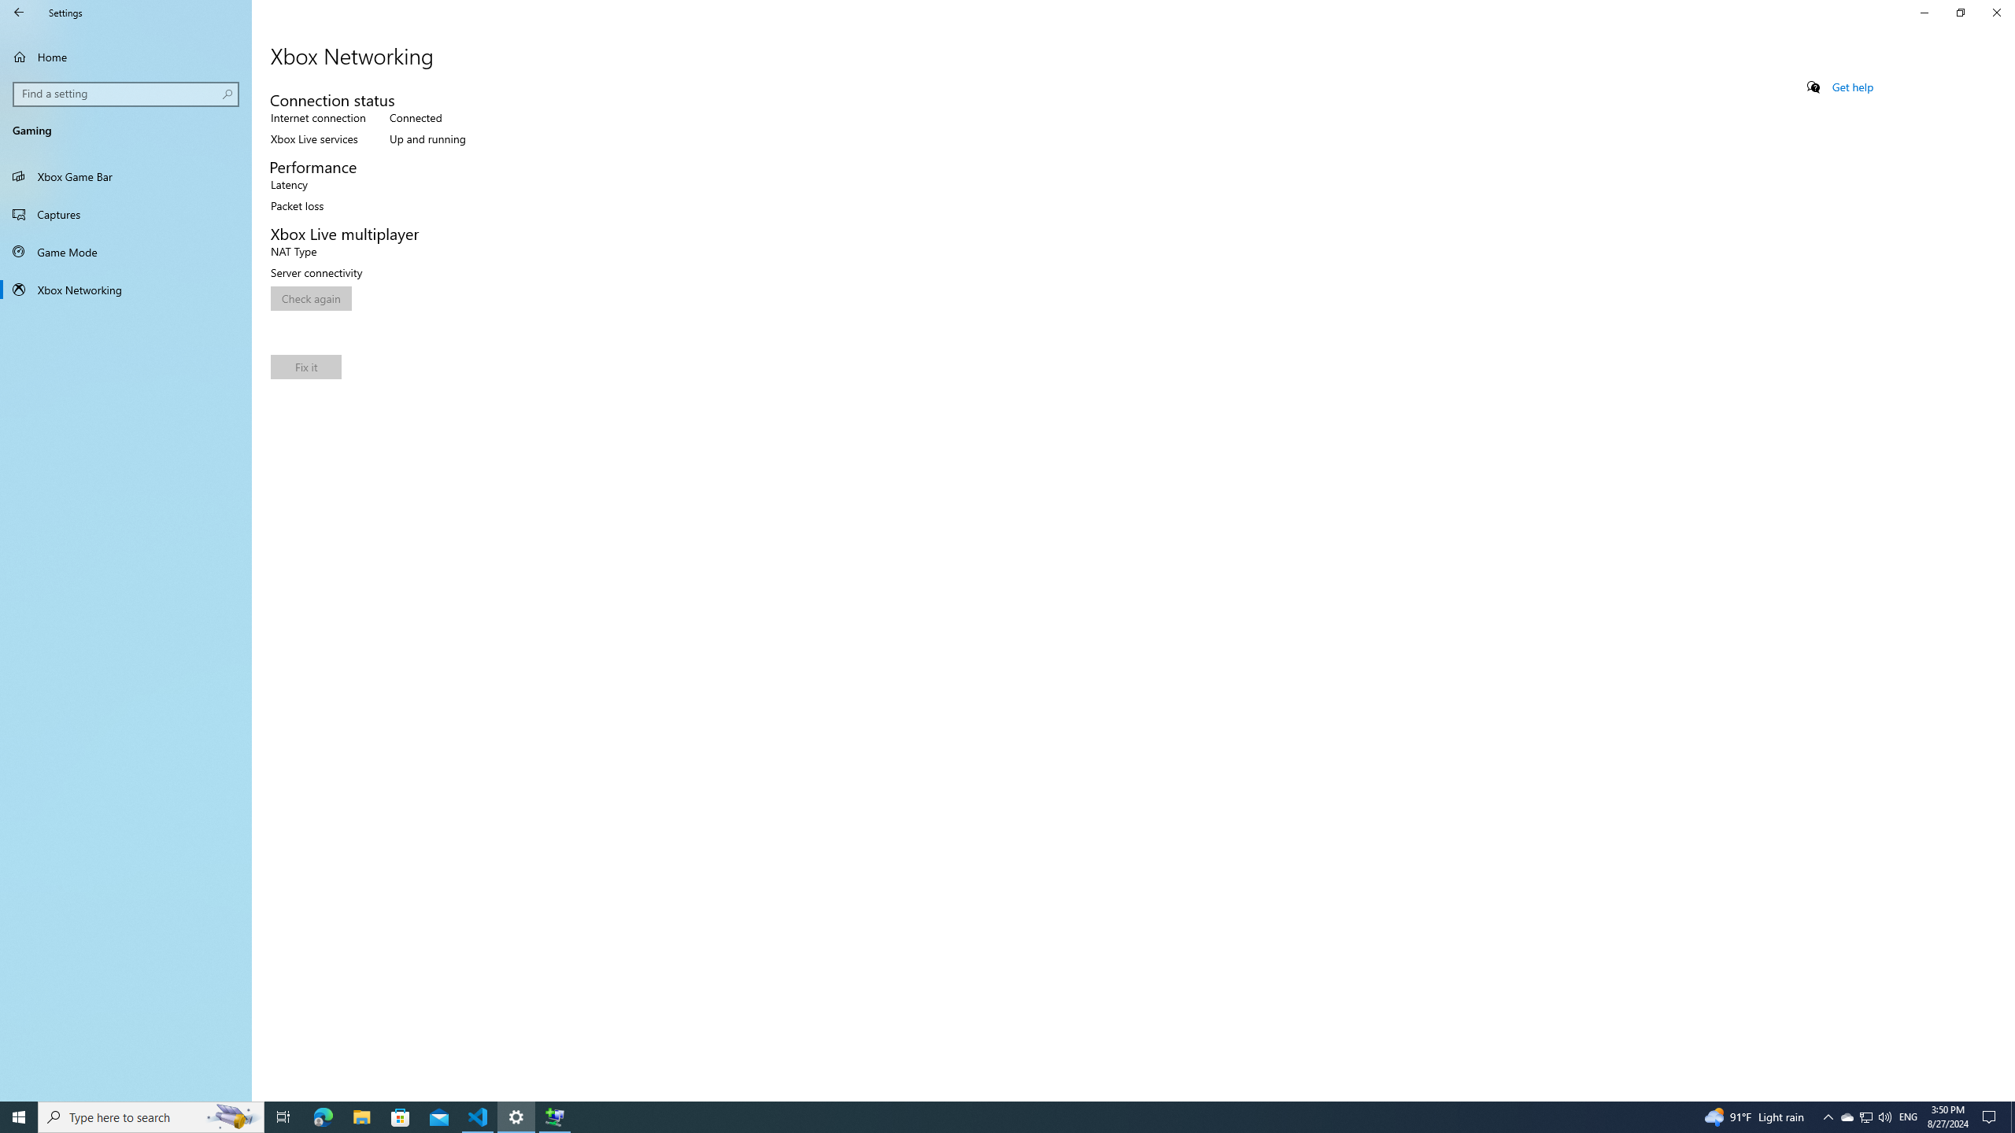  Describe the element at coordinates (126, 93) in the screenshot. I see `'Search box, Find a setting'` at that location.